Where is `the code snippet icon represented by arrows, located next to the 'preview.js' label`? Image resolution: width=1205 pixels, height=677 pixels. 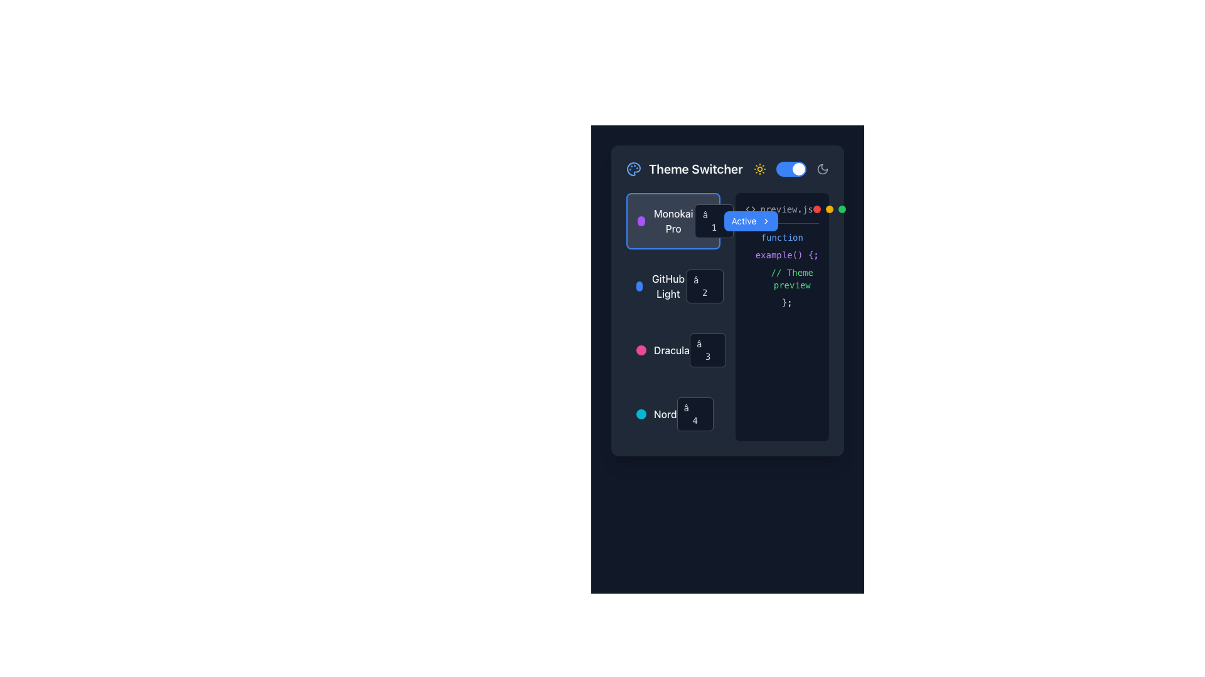 the code snippet icon represented by arrows, located next to the 'preview.js' label is located at coordinates (750, 209).